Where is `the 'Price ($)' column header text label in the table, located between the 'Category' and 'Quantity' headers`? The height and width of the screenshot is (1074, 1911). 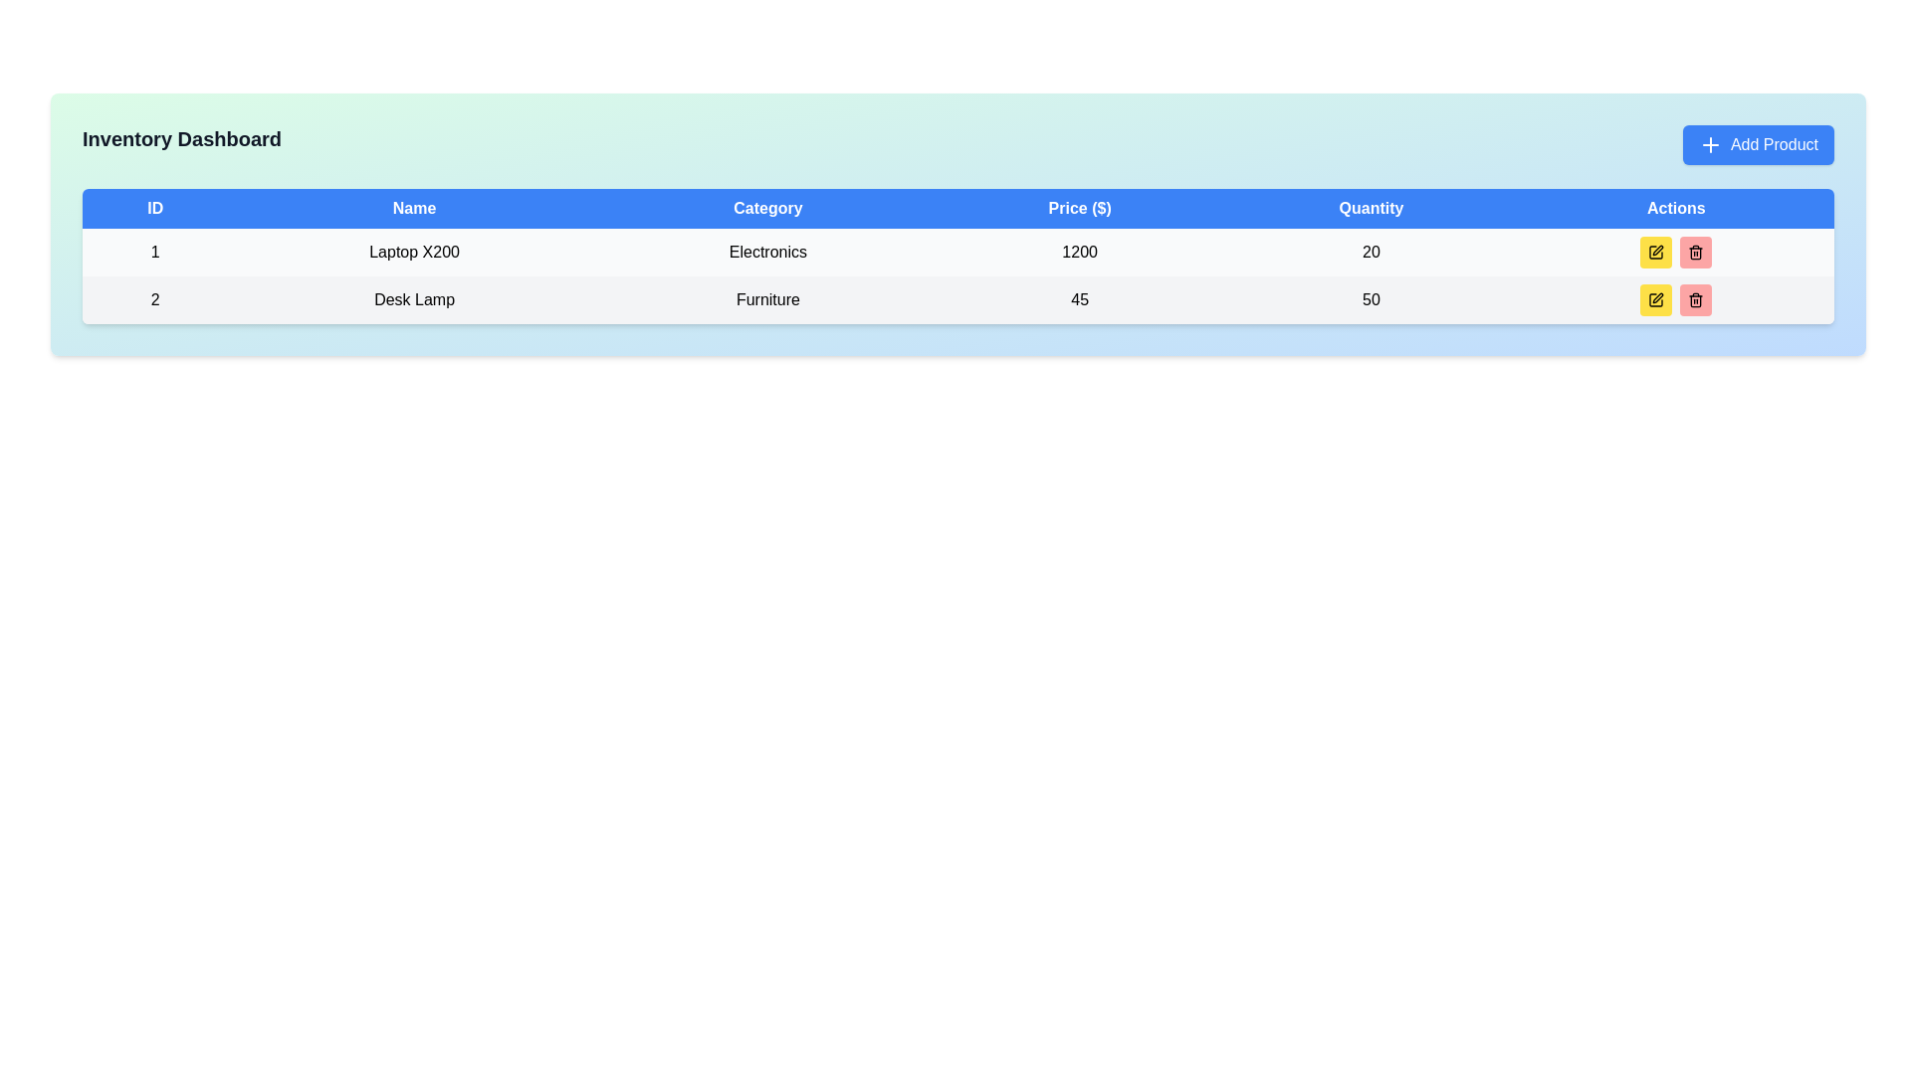
the 'Price ($)' column header text label in the table, located between the 'Category' and 'Quantity' headers is located at coordinates (1079, 208).